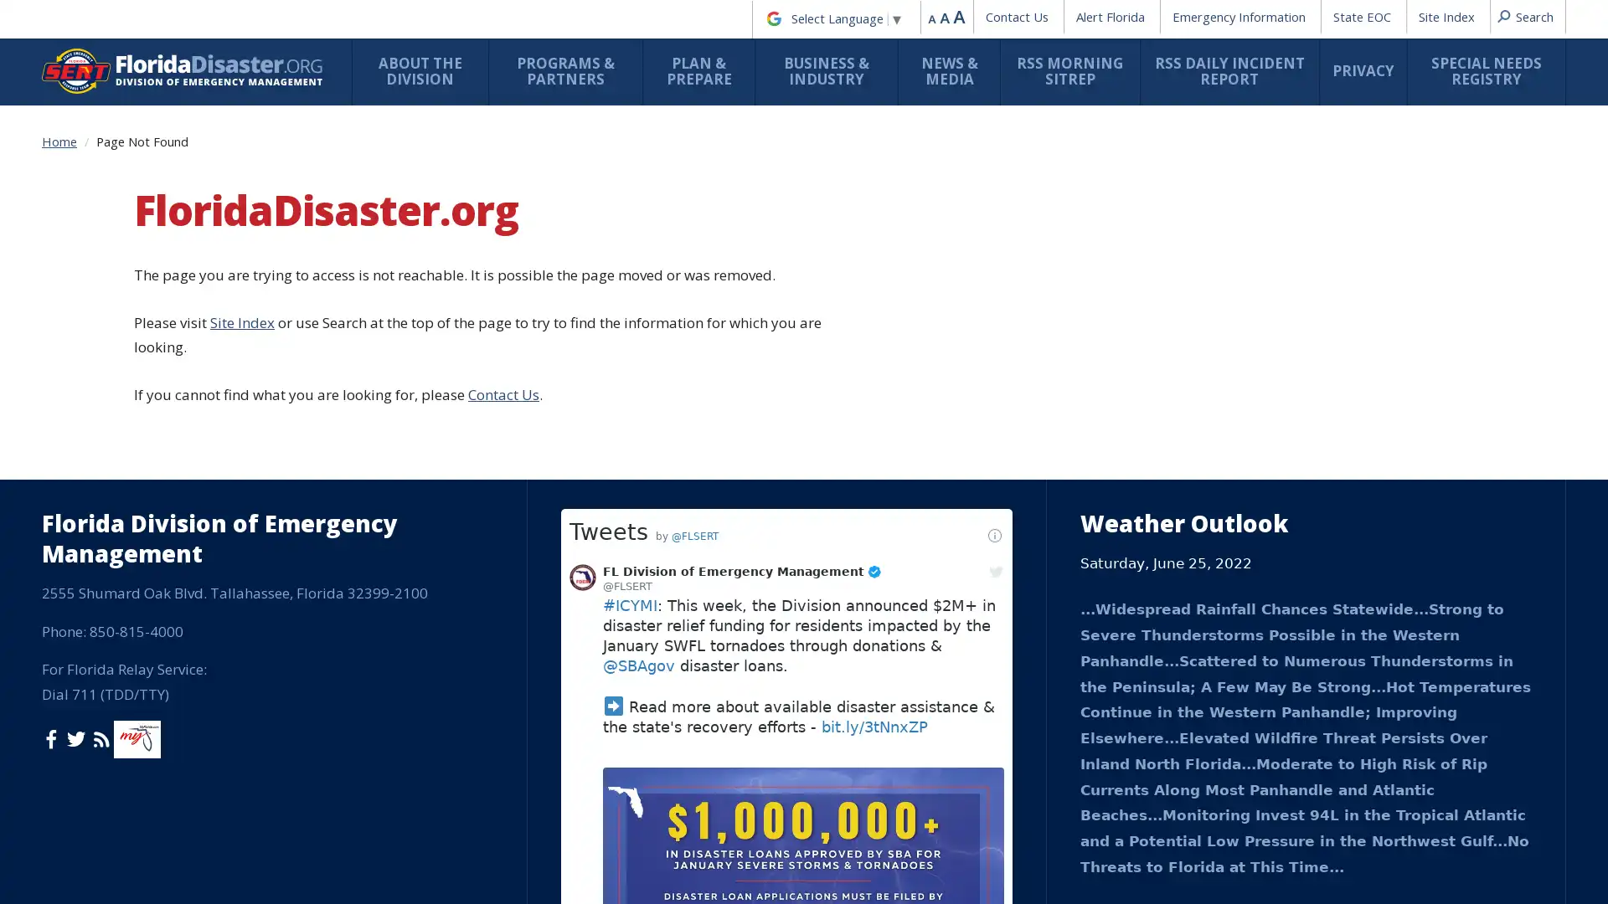  I want to click on Toggle More, so click(671, 430).